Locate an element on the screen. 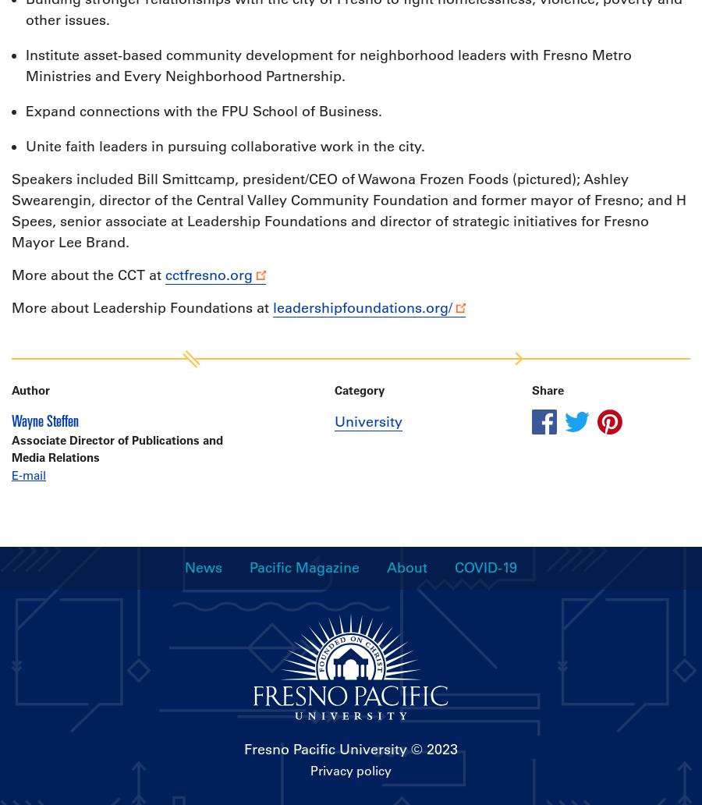 The width and height of the screenshot is (702, 805). 'About' is located at coordinates (406, 566).